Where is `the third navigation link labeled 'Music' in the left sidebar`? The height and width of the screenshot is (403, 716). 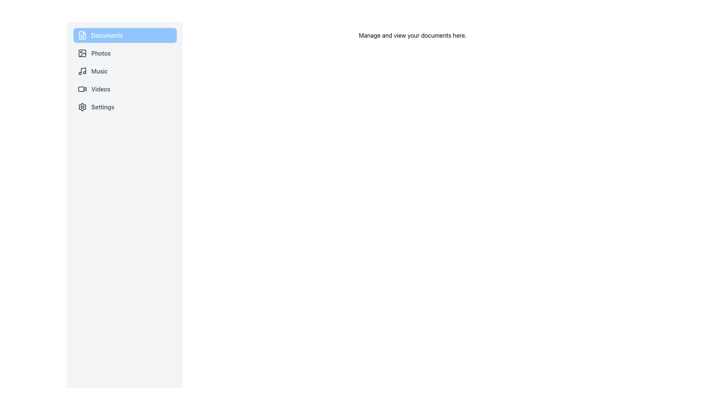
the third navigation link labeled 'Music' in the left sidebar is located at coordinates (125, 71).